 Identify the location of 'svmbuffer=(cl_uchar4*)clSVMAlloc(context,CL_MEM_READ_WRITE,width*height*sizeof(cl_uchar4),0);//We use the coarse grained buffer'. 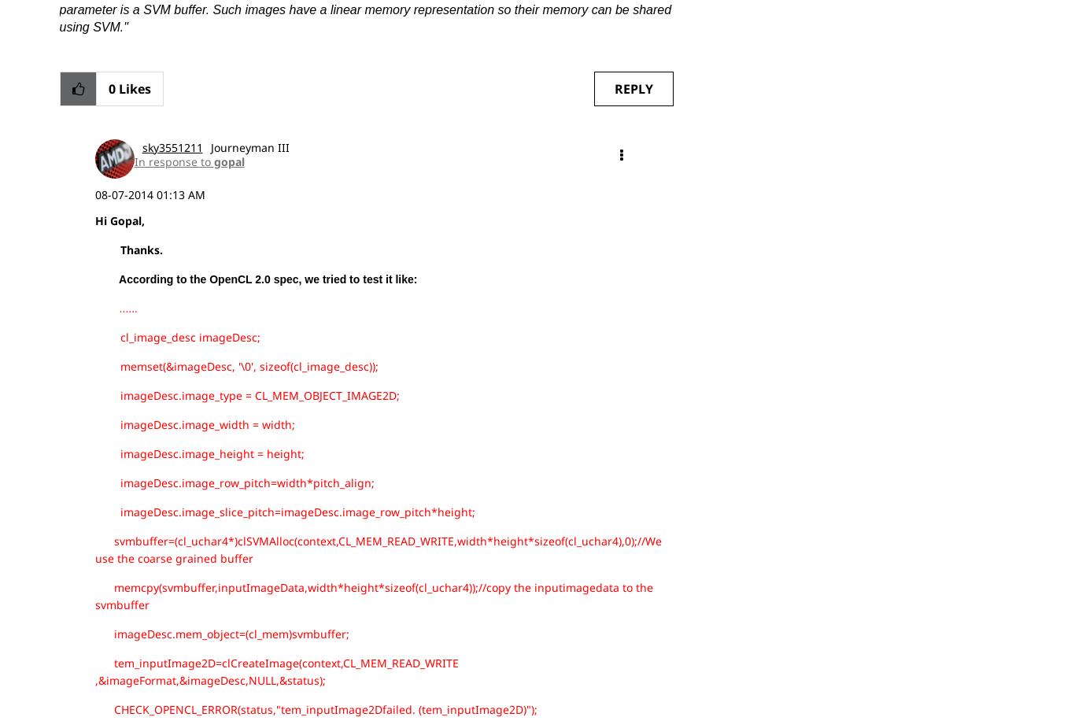
(93, 549).